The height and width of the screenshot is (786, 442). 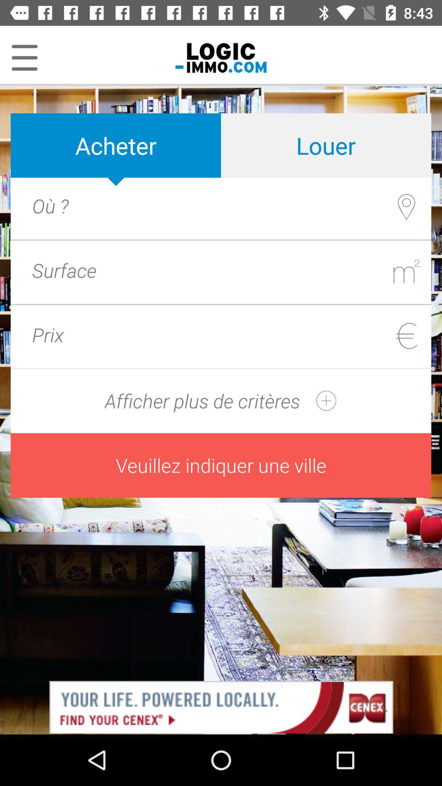 I want to click on advisement, so click(x=221, y=706).